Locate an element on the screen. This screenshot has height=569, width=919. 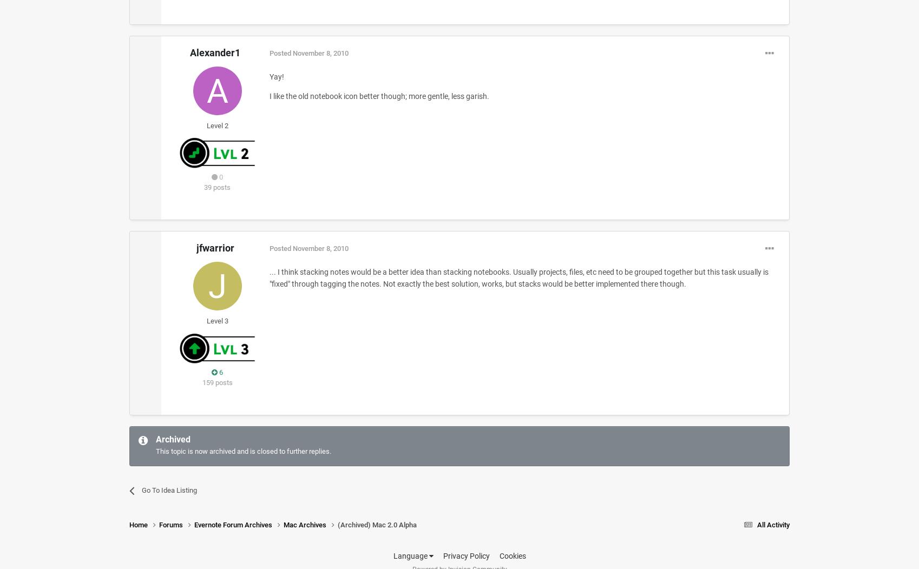
'Go To Idea Listing' is located at coordinates (168, 489).